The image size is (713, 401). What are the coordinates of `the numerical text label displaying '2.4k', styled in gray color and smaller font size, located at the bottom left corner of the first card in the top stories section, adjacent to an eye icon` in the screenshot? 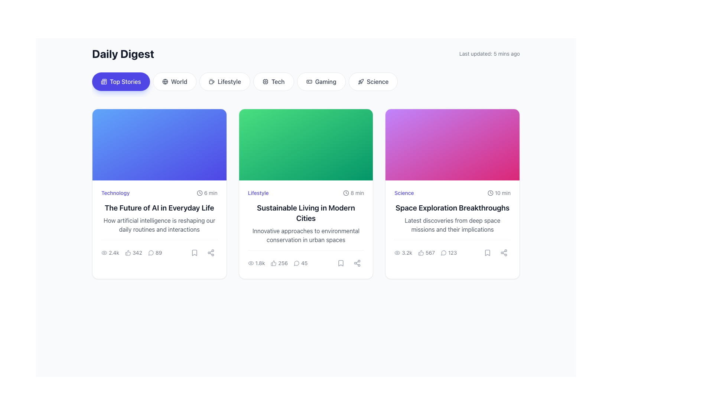 It's located at (114, 252).